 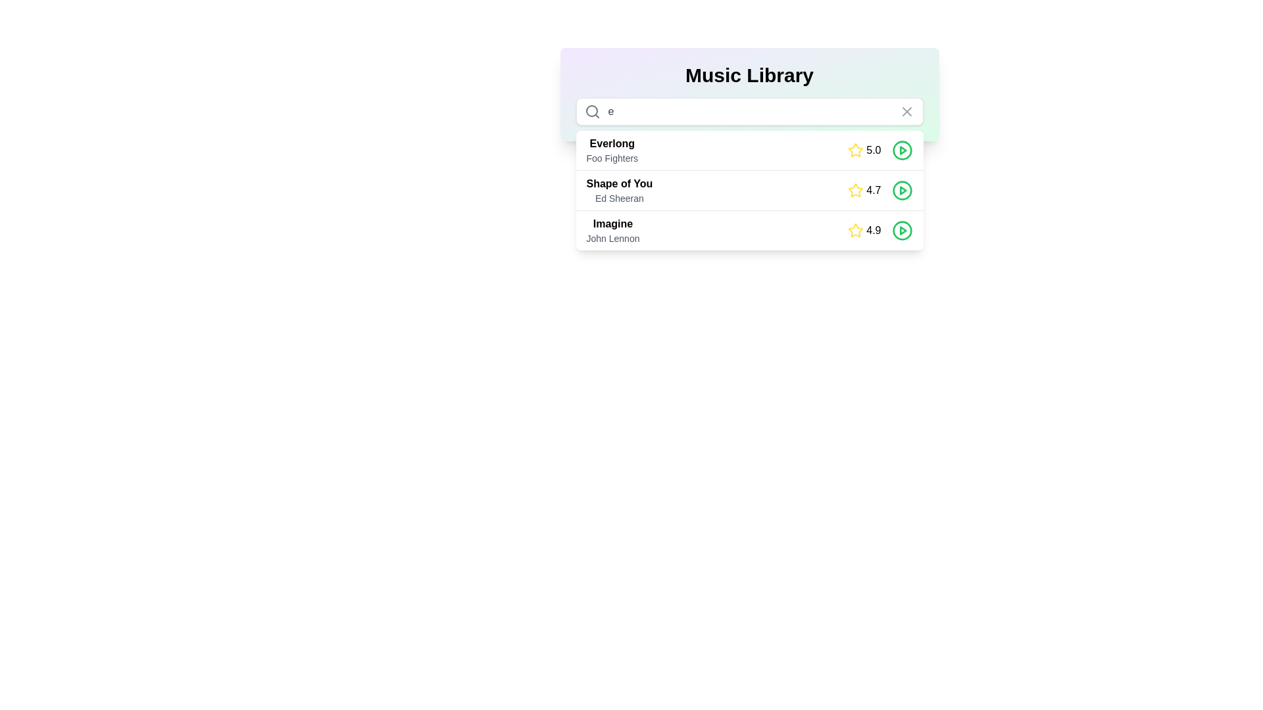 I want to click on the circular play button icon located to the far right of the 'Shape of You' song entry, which features a triangular play symbol inside, so click(x=901, y=190).